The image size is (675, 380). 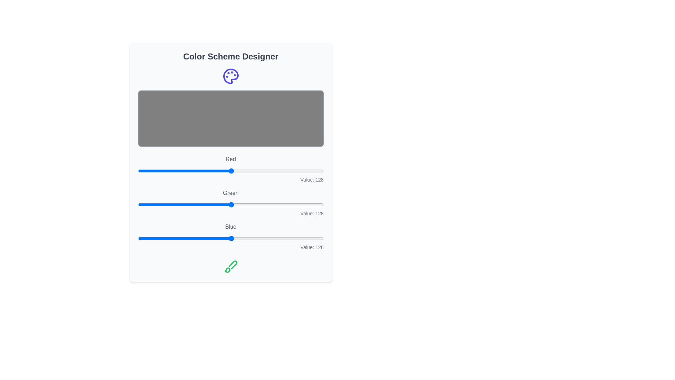 What do you see at coordinates (256, 238) in the screenshot?
I see `the blue color value` at bounding box center [256, 238].